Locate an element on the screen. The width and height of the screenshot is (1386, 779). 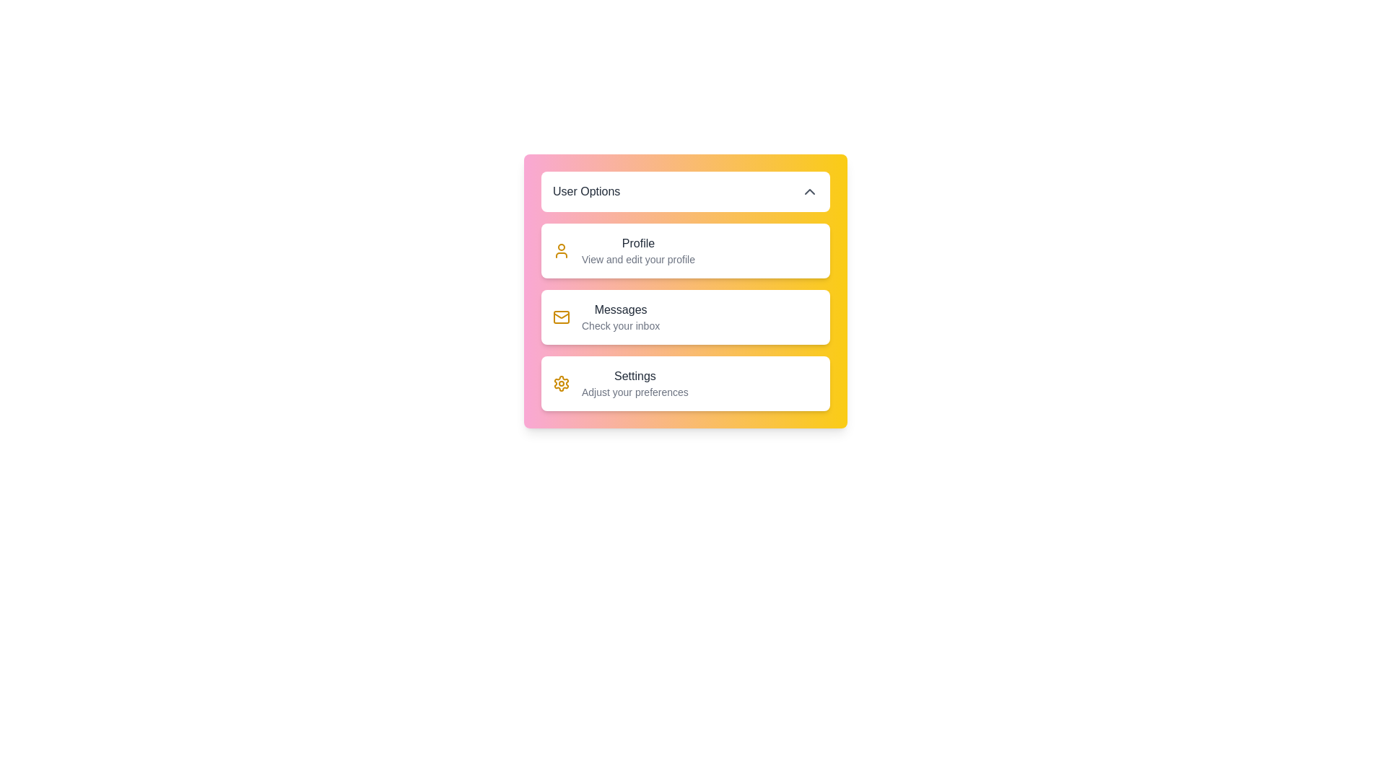
the user option Settings from the menu is located at coordinates (685, 383).